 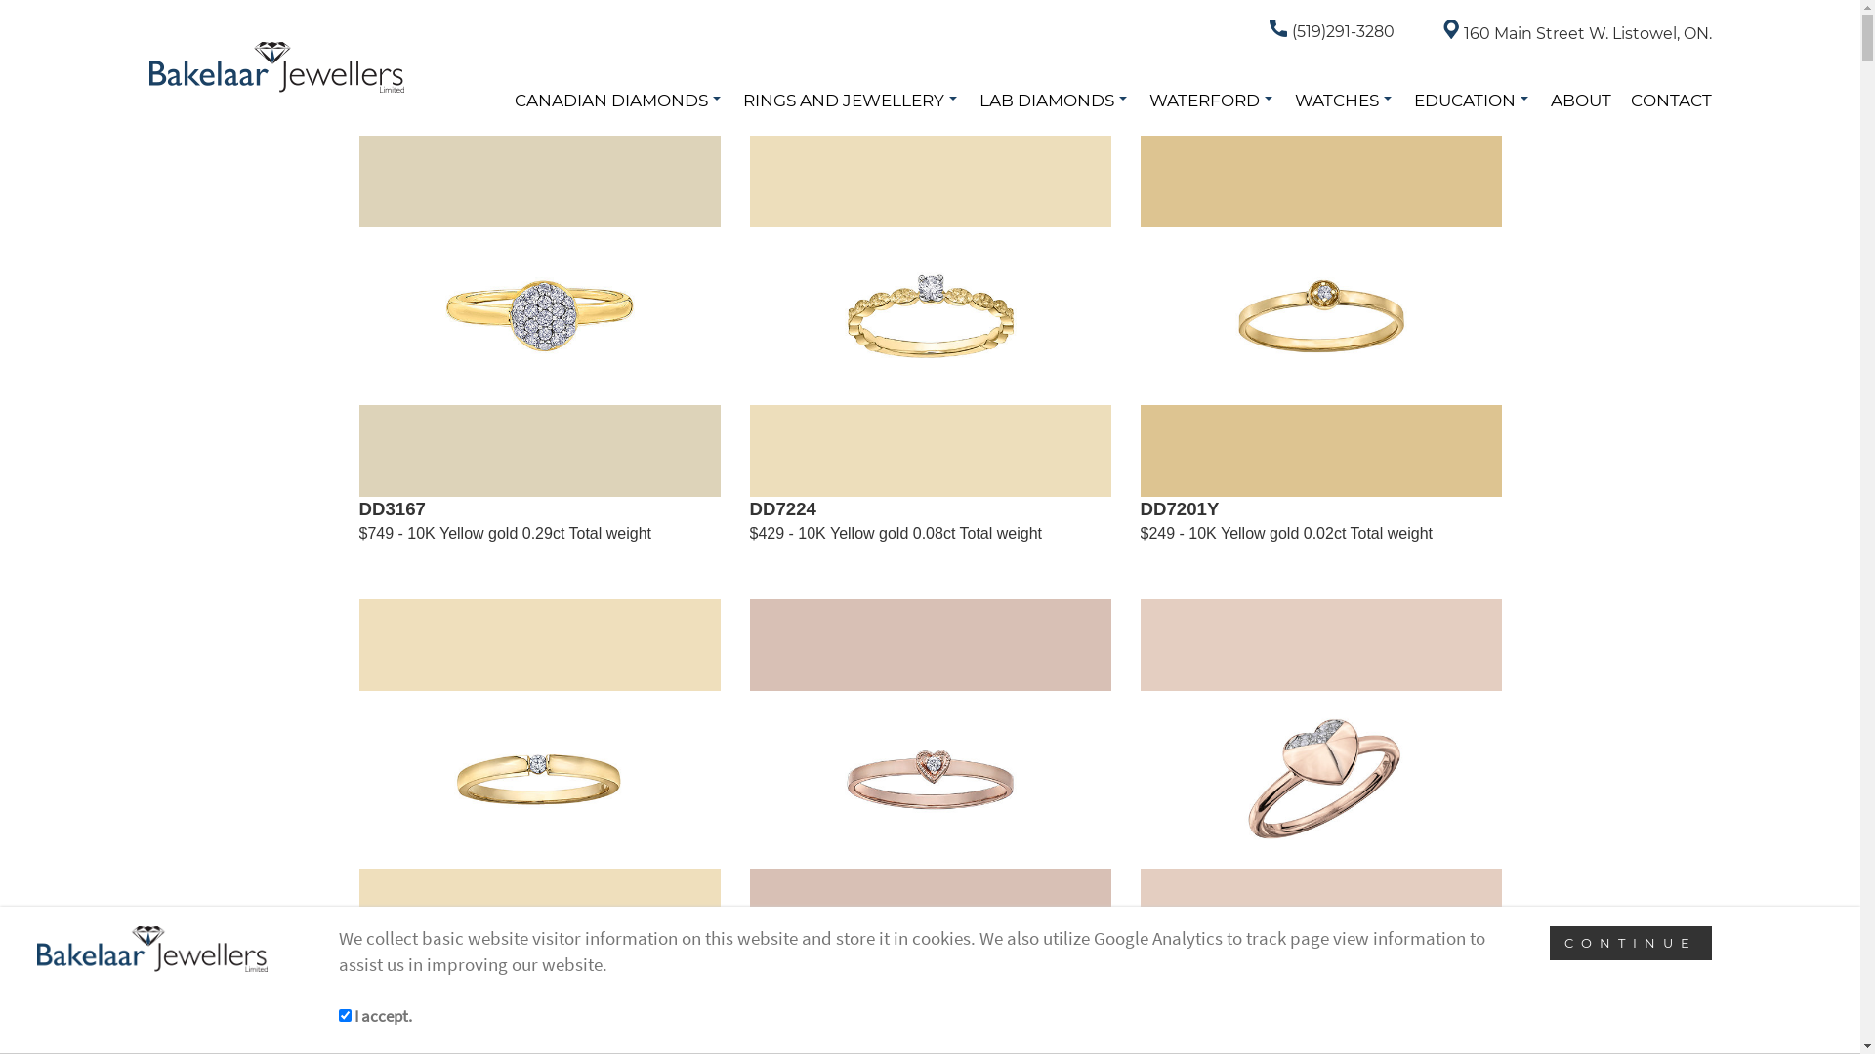 What do you see at coordinates (1053, 101) in the screenshot?
I see `'LAB DIAMONDS'` at bounding box center [1053, 101].